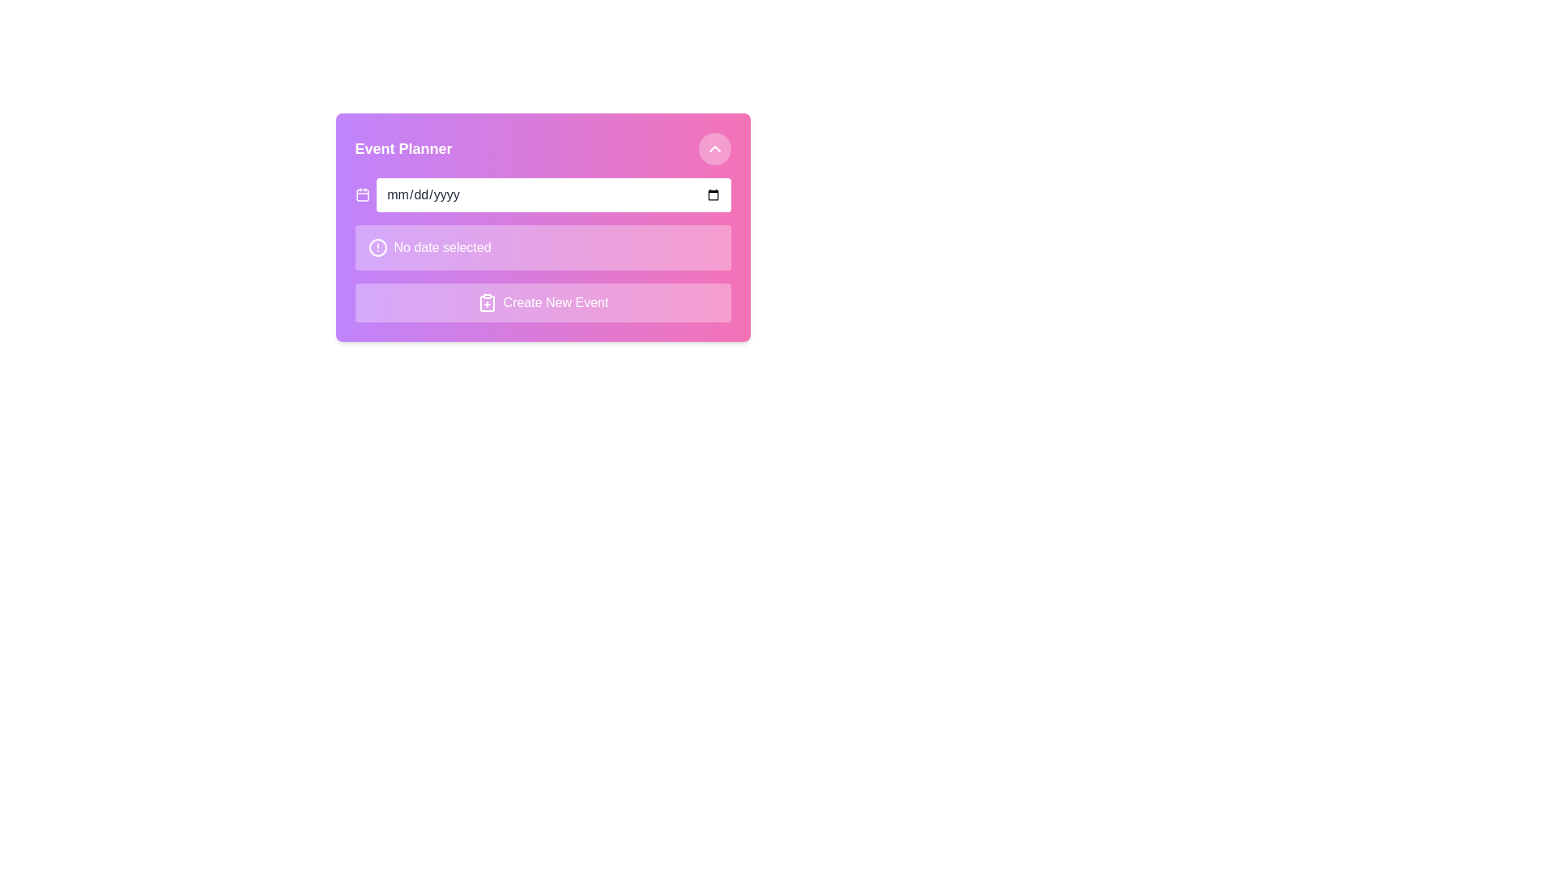  What do you see at coordinates (714, 149) in the screenshot?
I see `the circular button with an upward-pointing chevron icon located in the top-right corner of the 'Event Planner' panel` at bounding box center [714, 149].